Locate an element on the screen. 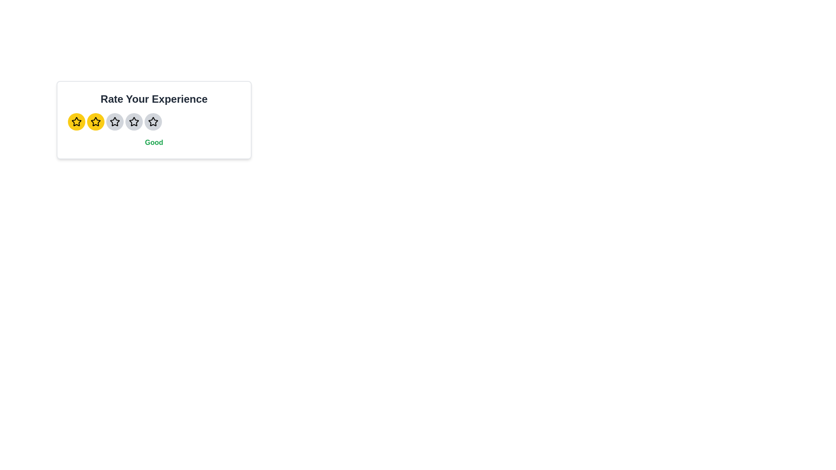 This screenshot has height=470, width=836. the fourth star icon with a black border and transparent interior in the rating component is located at coordinates (153, 122).